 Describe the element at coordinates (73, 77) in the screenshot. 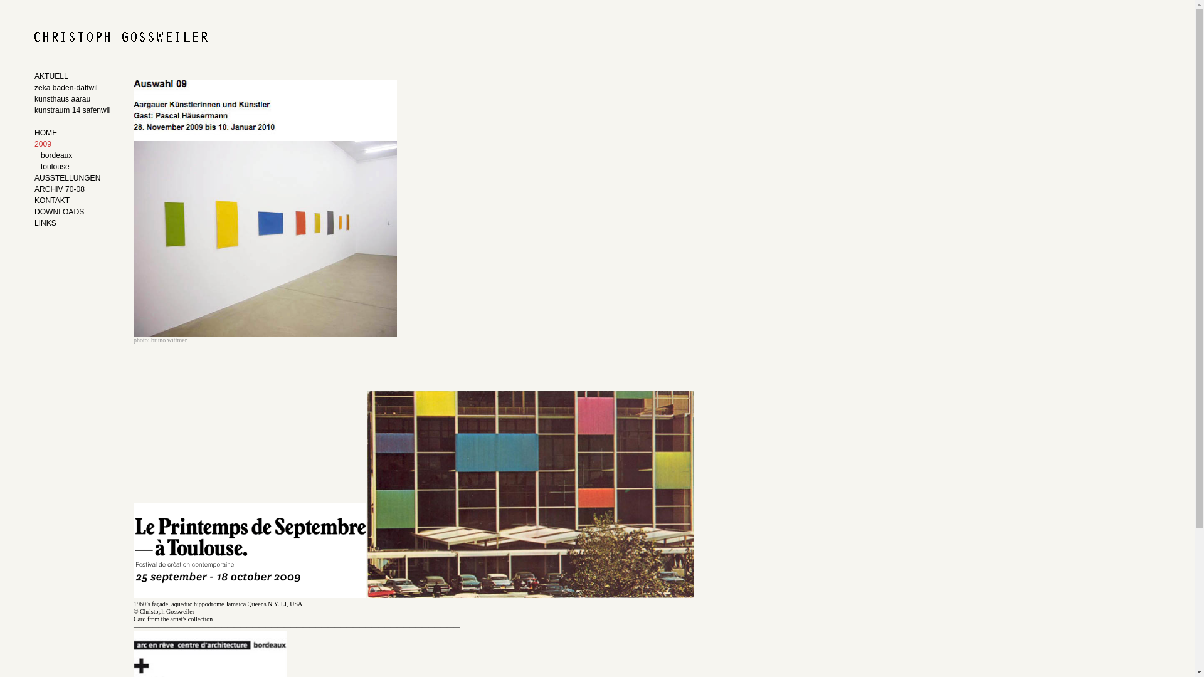

I see `'AKTUELL'` at that location.